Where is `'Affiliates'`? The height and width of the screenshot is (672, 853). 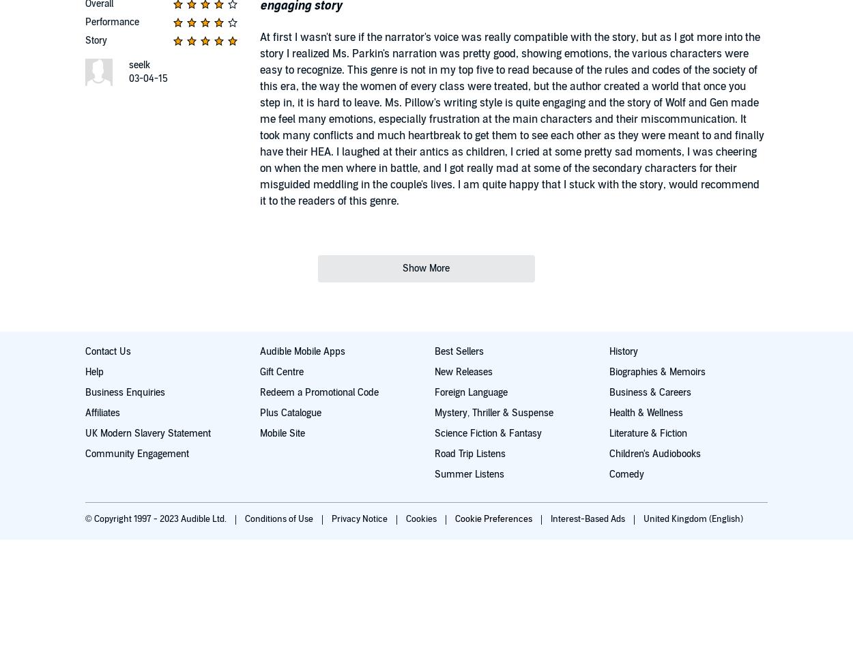 'Affiliates' is located at coordinates (102, 412).